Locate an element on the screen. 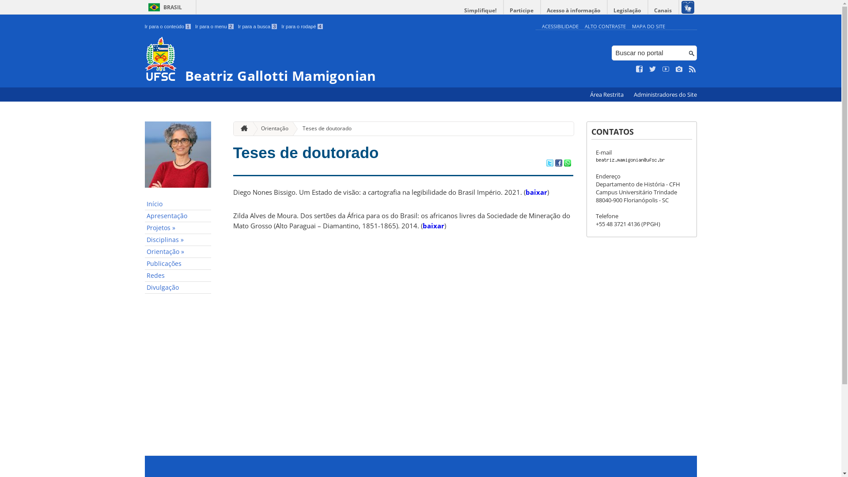 The width and height of the screenshot is (848, 477). 'BRASIL' is located at coordinates (163, 7).